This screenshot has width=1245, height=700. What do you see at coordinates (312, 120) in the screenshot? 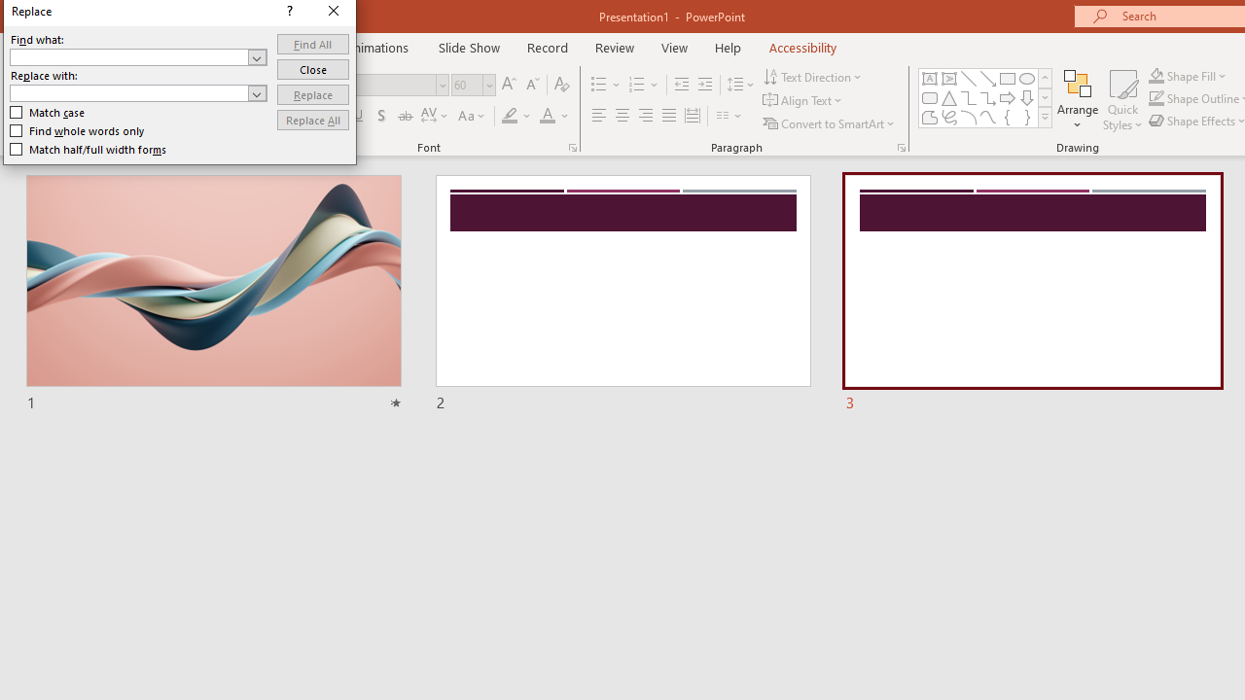
I see `'Replace All'` at bounding box center [312, 120].